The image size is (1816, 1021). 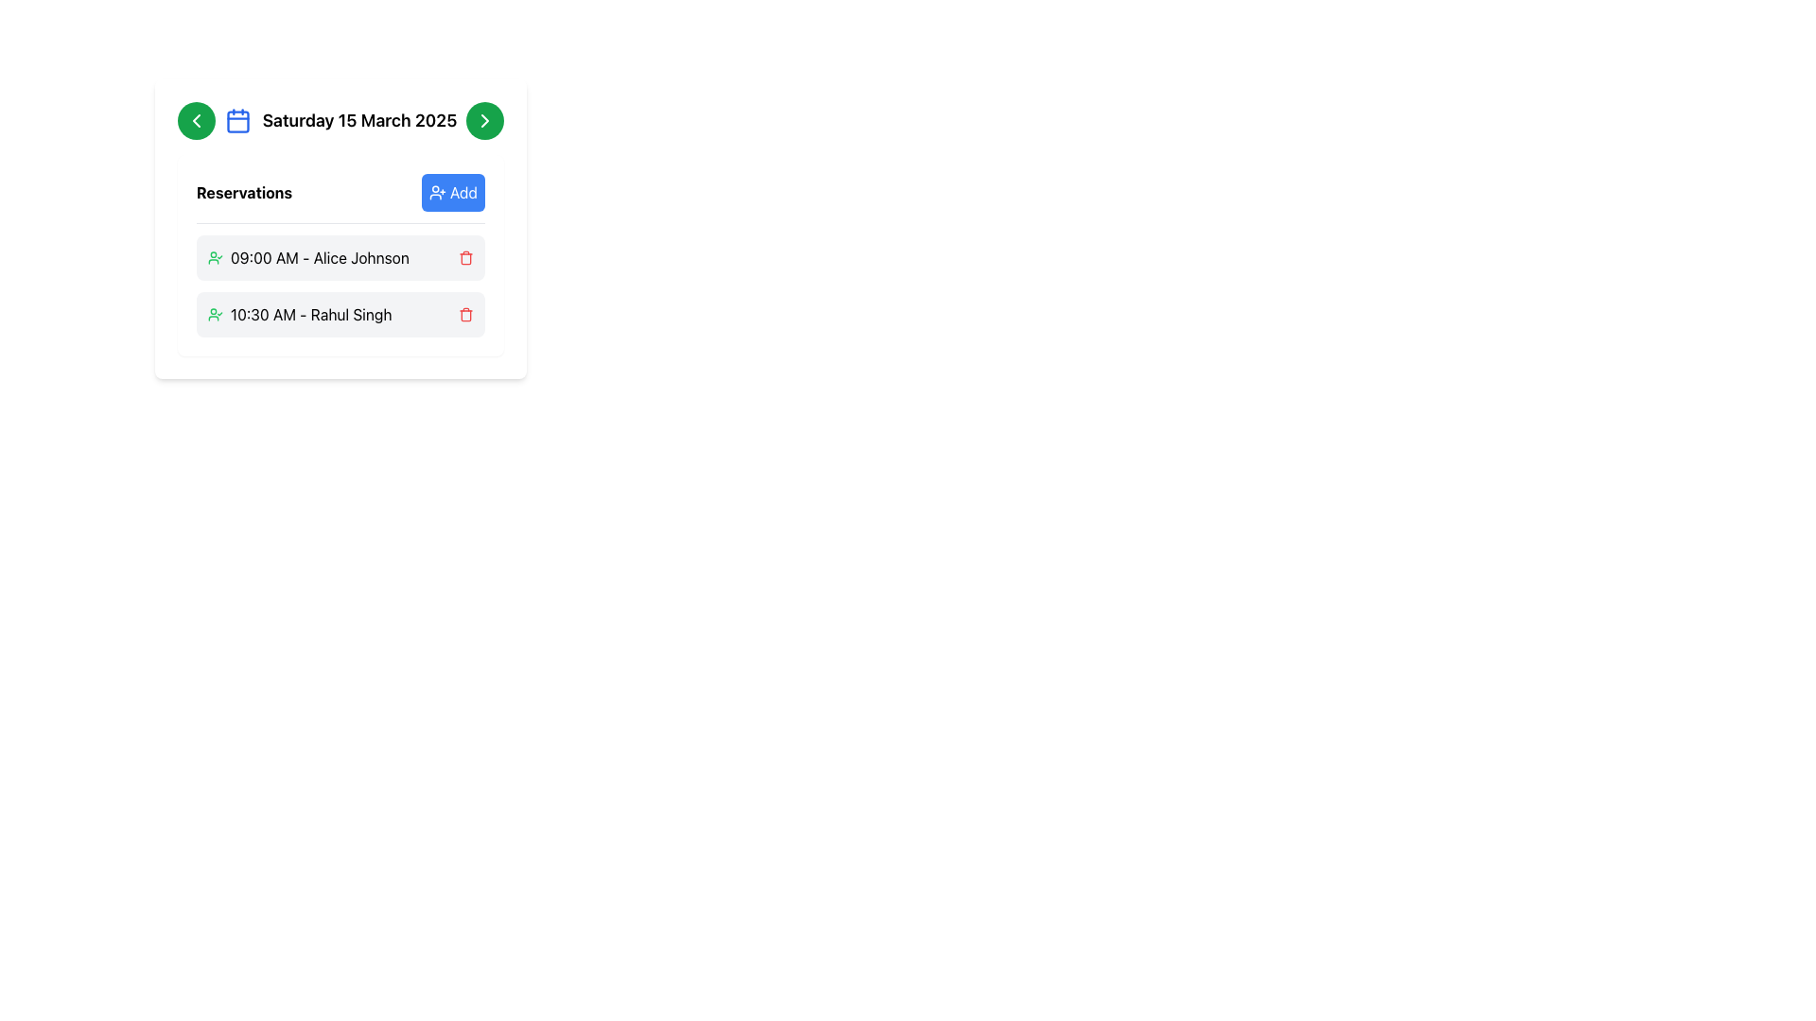 I want to click on the navigation button located in the upper-left corner of the widget, contained within a green circle, to possibly reveal additional information or a tooltip, so click(x=196, y=120).